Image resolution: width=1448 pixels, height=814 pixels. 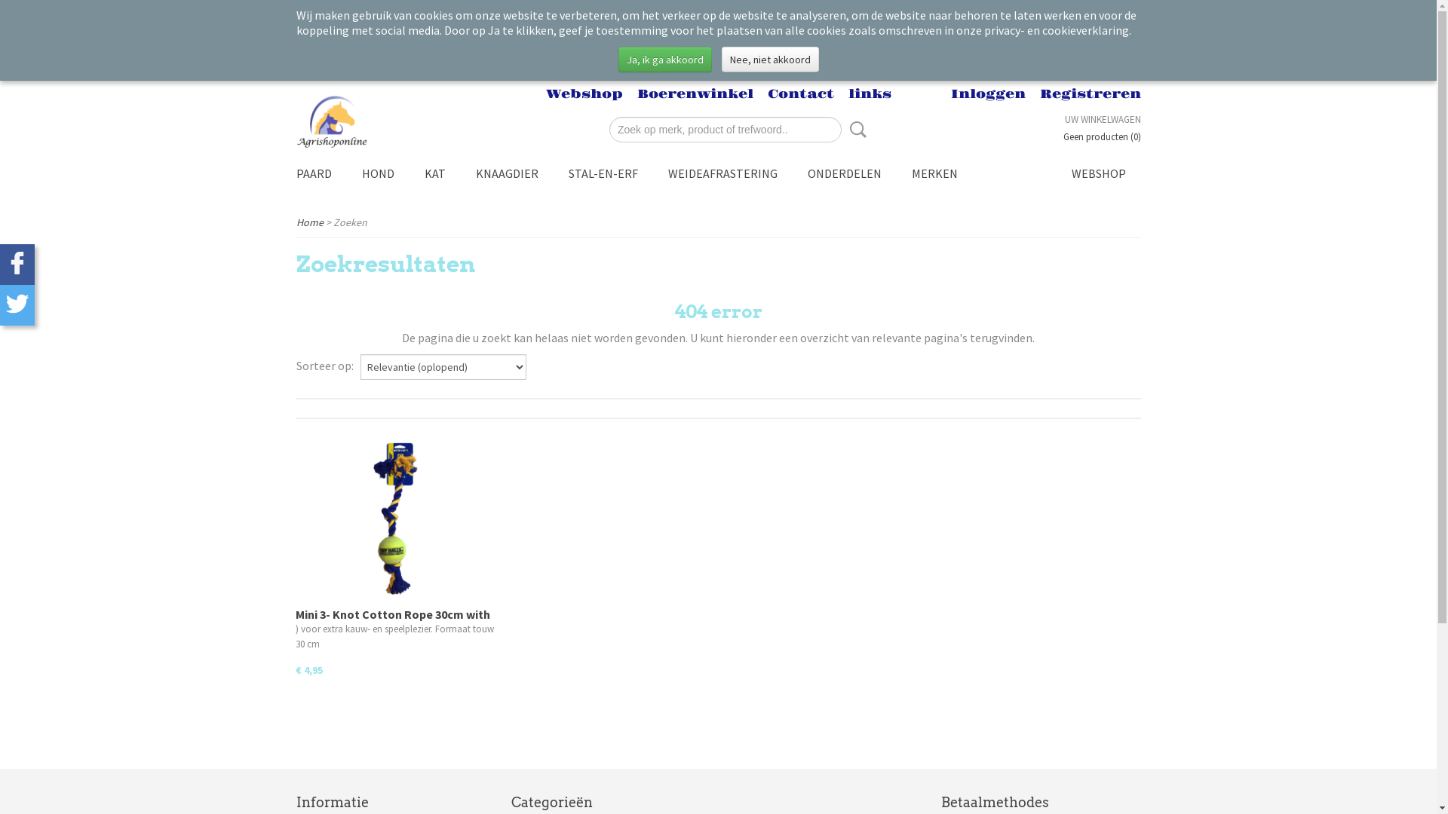 I want to click on 'Boerenwinkel', so click(x=694, y=93).